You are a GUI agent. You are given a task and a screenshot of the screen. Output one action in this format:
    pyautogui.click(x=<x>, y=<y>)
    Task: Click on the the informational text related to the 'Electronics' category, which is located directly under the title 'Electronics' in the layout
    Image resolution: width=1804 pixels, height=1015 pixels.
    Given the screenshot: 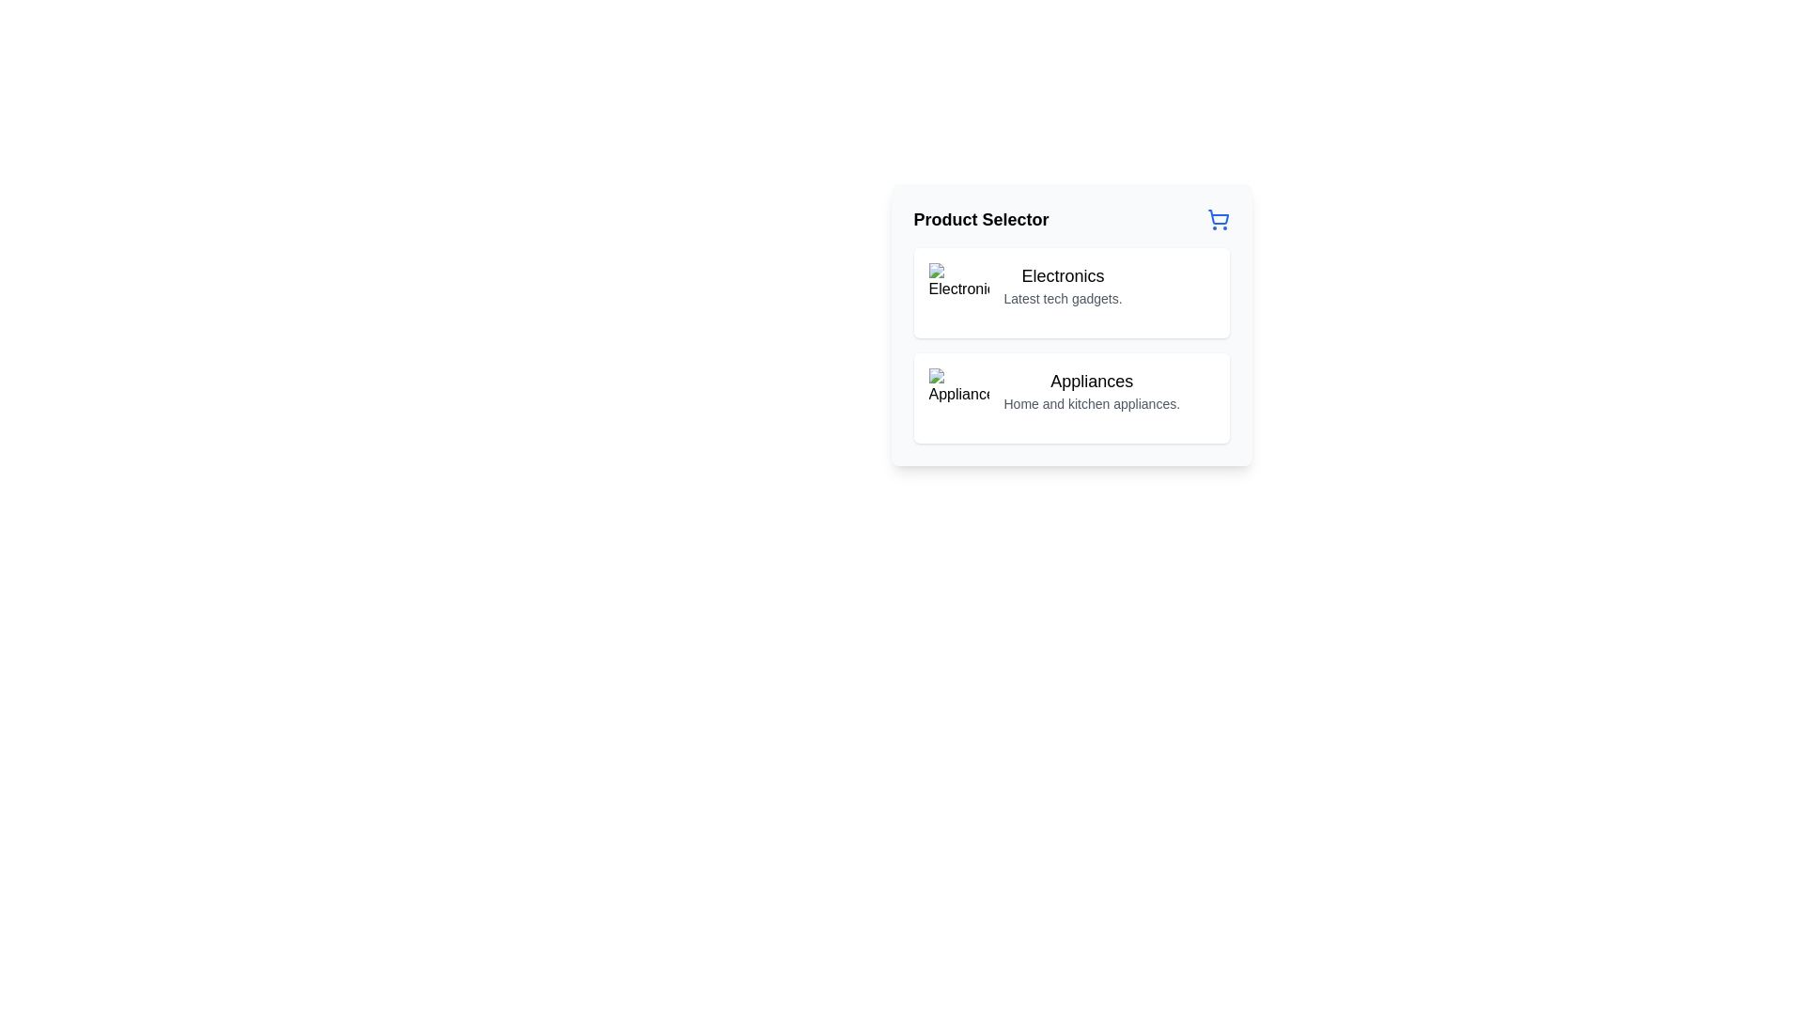 What is the action you would take?
    pyautogui.click(x=1063, y=297)
    